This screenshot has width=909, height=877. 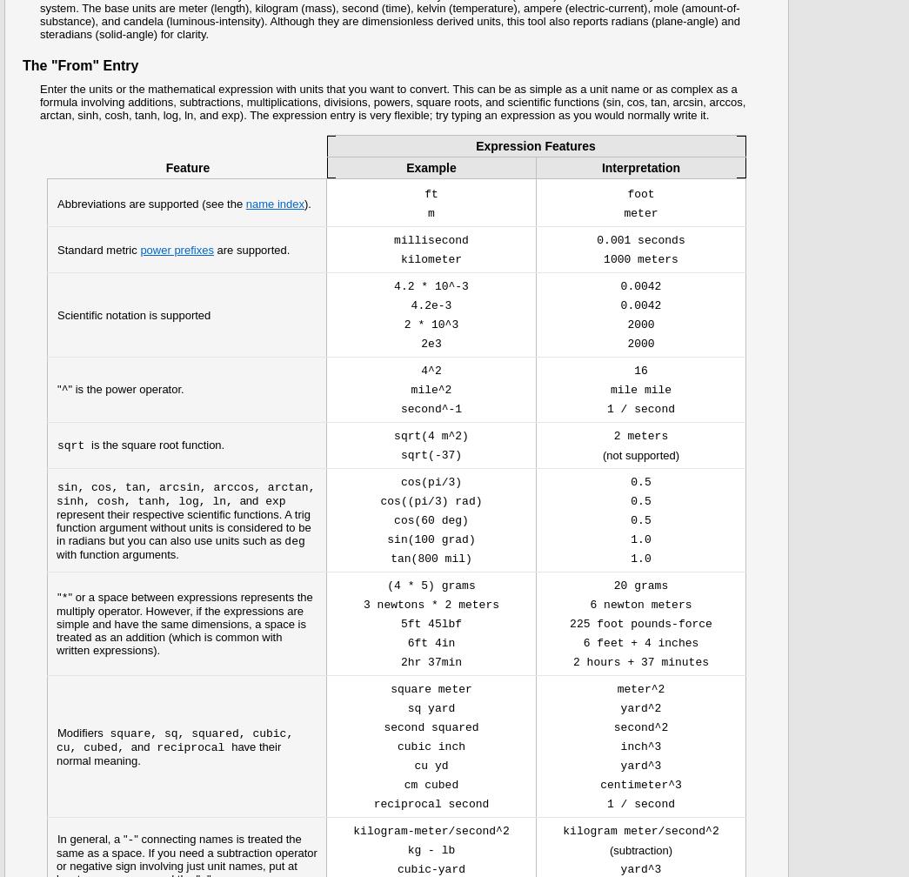 What do you see at coordinates (639, 727) in the screenshot?
I see `'second^2'` at bounding box center [639, 727].